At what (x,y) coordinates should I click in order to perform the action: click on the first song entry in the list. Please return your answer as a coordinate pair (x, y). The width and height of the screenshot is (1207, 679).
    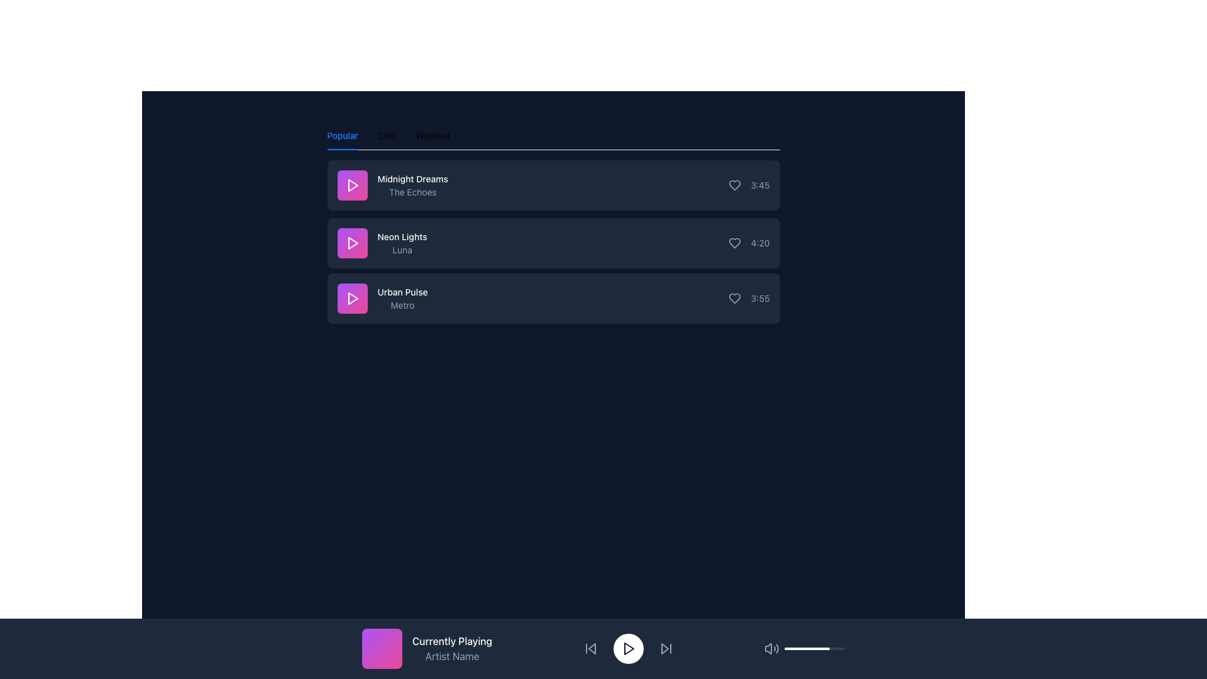
    Looking at the image, I should click on (553, 185).